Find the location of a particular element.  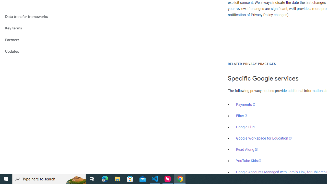

'Partners' is located at coordinates (39, 40).